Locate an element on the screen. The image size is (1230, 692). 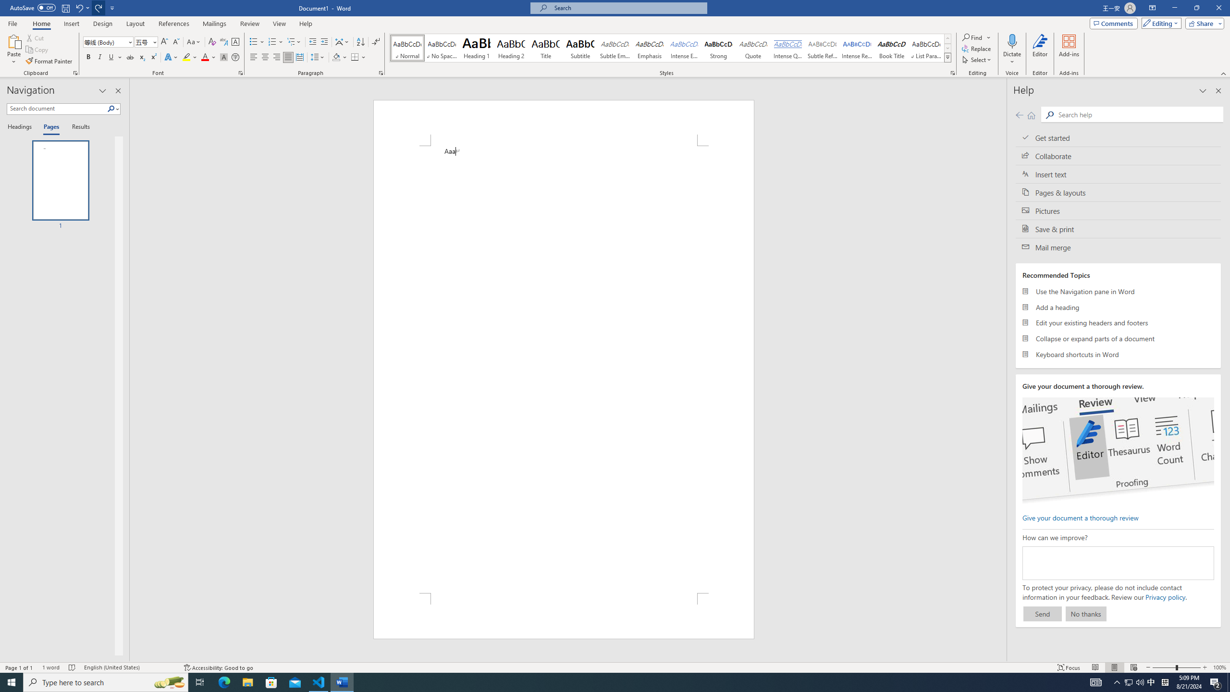
'Design' is located at coordinates (103, 24).